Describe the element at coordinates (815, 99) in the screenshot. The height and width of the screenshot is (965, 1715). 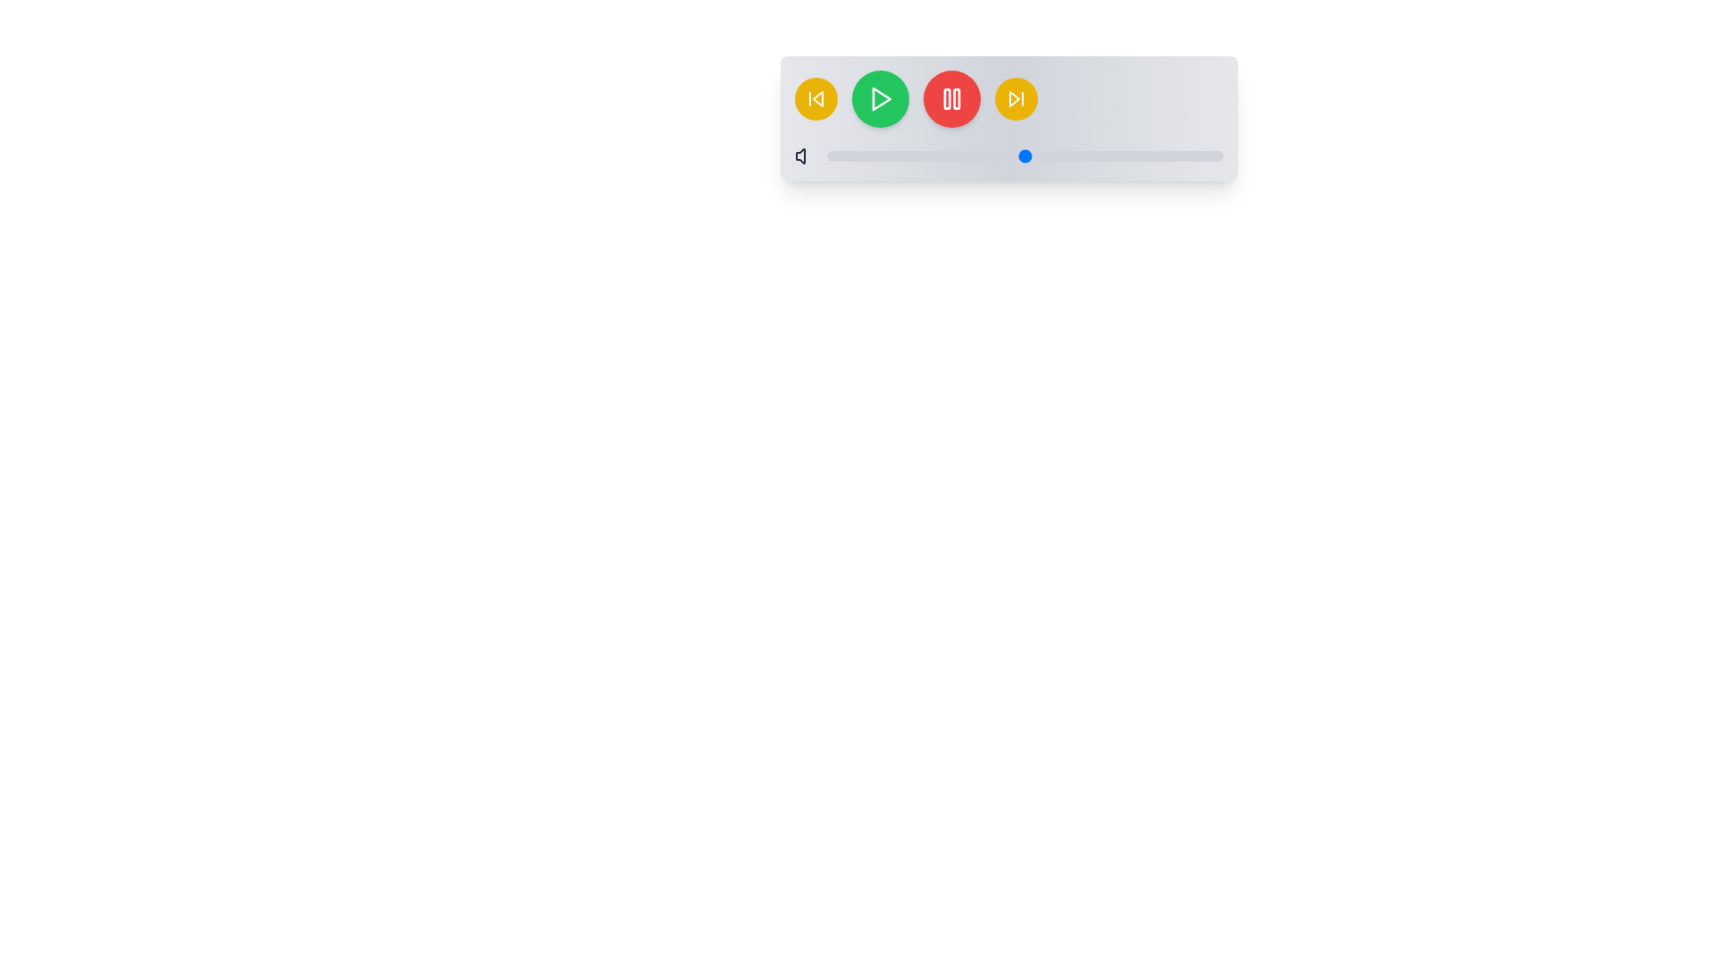
I see `the circular yellow button with a backward arrow icon` at that location.